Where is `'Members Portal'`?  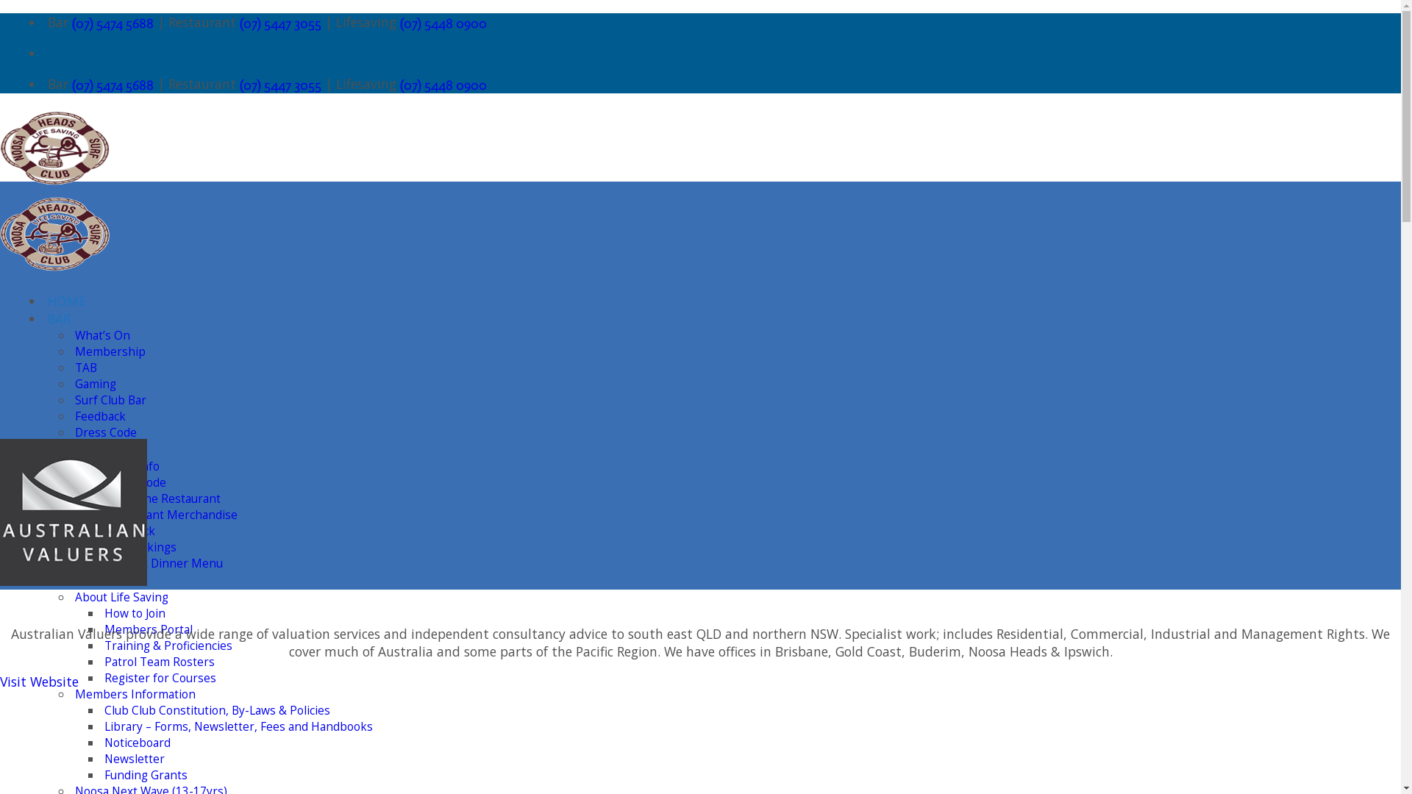
'Members Portal' is located at coordinates (148, 629).